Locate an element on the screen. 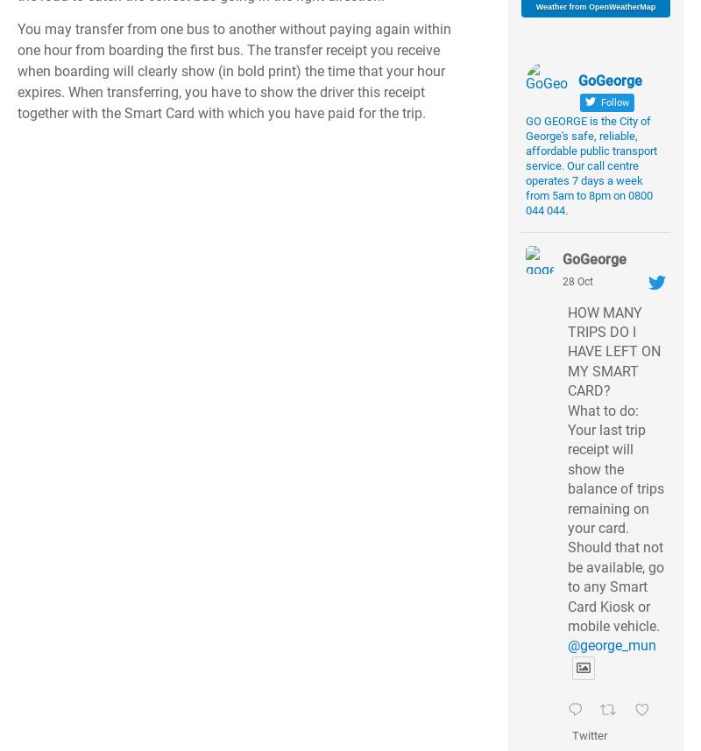 Image resolution: width=701 pixels, height=751 pixels. 'HOW MANY TRIPS DO I HAVE LEFT ON MY SMART CARD?' is located at coordinates (613, 350).